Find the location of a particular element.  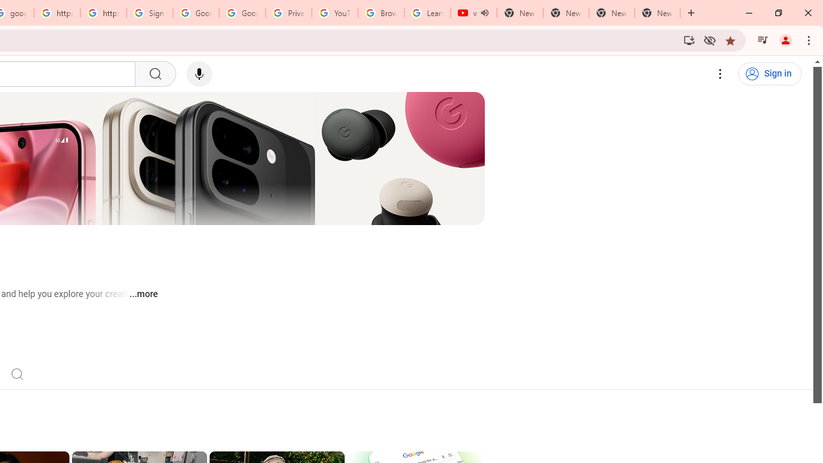

'New Tab' is located at coordinates (657, 13).